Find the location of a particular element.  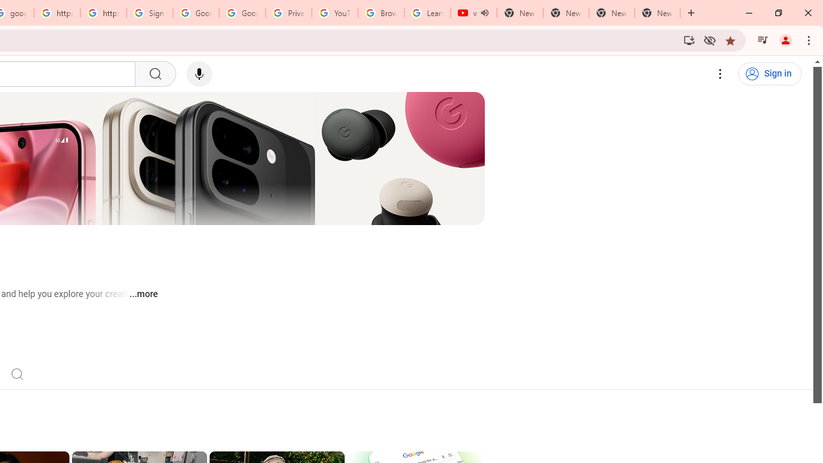

'New Tab' is located at coordinates (657, 13).